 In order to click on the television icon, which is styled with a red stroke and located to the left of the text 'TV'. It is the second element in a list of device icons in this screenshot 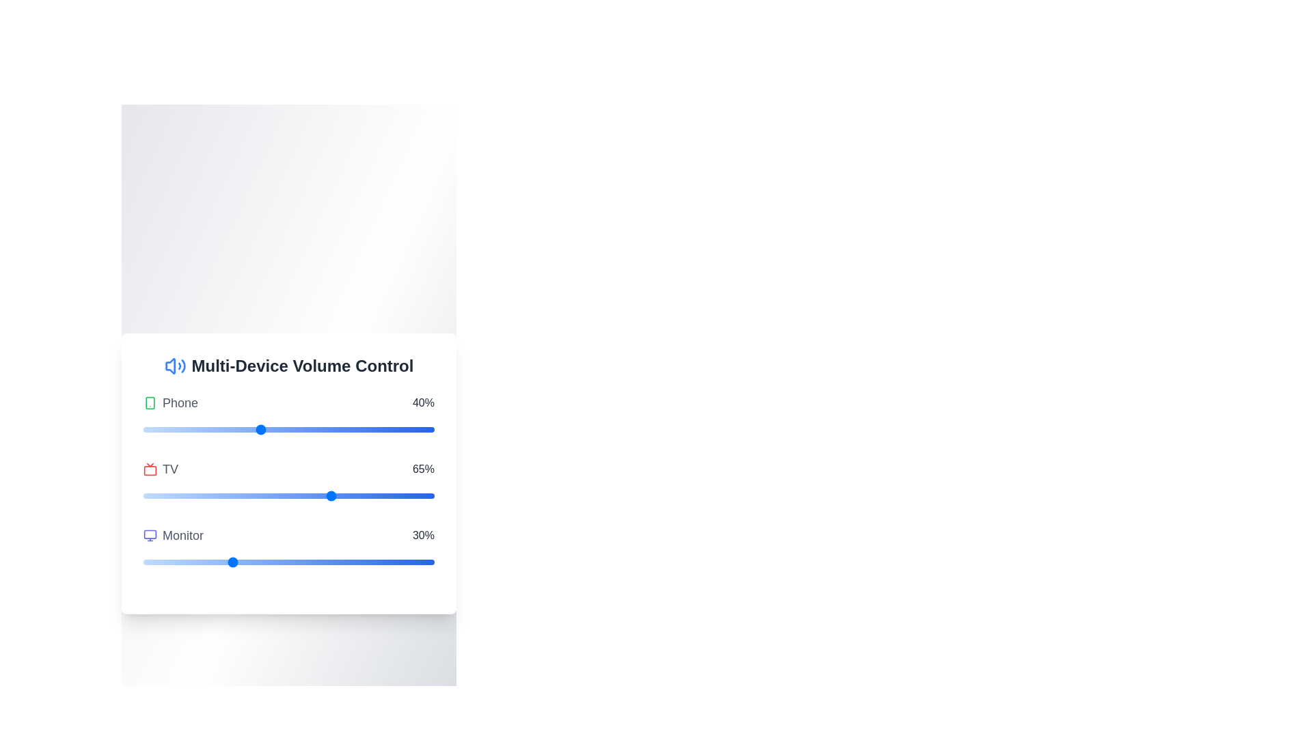, I will do `click(150, 468)`.